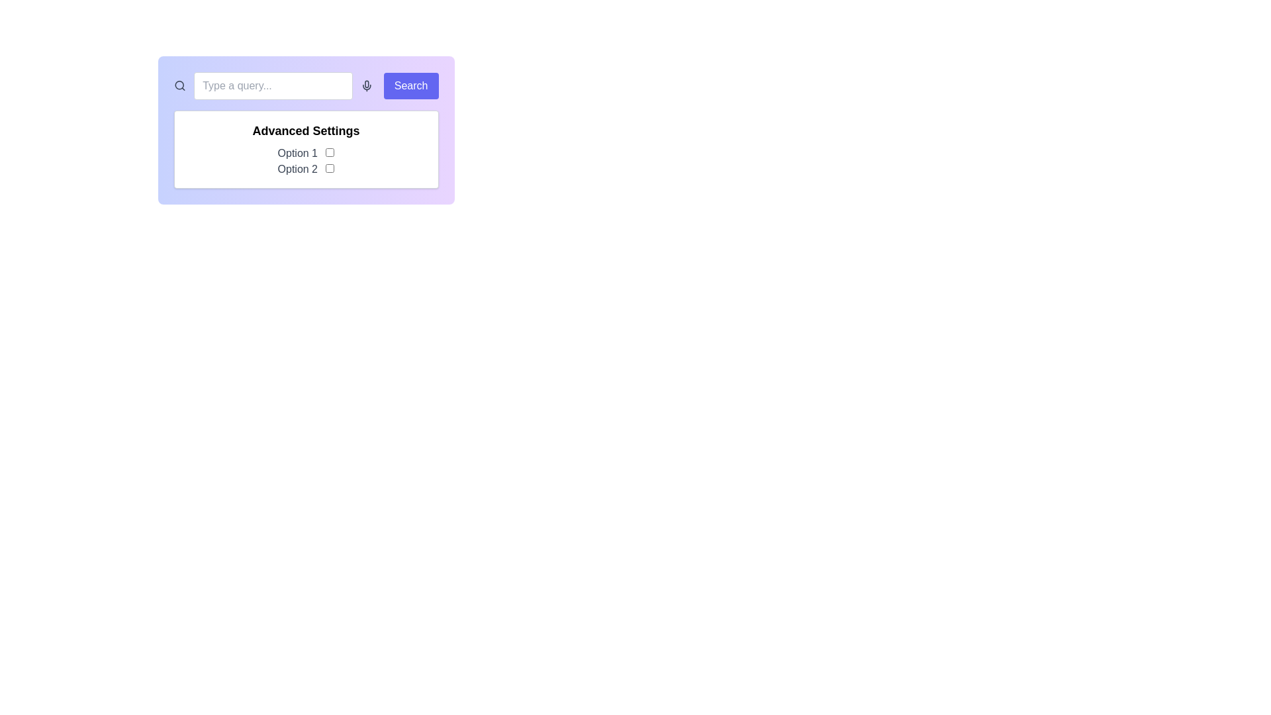 The height and width of the screenshot is (715, 1271). I want to click on the label indicating 'Option 2', which describes the associated checkbox to its right in the 'Advanced Settings' section, so click(305, 168).